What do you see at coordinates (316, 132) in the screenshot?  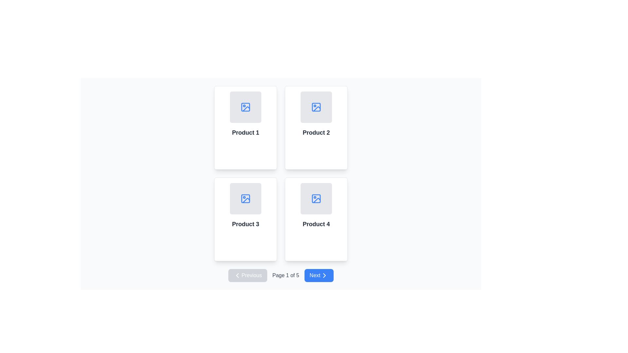 I see `the text label displaying 'Product 2' in bold font, located within the second product card in the top row of a grid layout` at bounding box center [316, 132].